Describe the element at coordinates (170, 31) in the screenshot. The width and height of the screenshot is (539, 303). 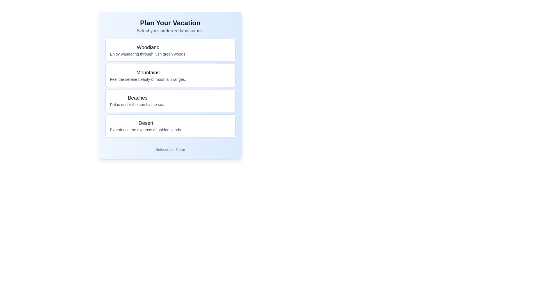
I see `text label that says 'Select your preferred landscapes.' which is styled in gray font and located below the header 'Plan Your Vacation.'` at that location.